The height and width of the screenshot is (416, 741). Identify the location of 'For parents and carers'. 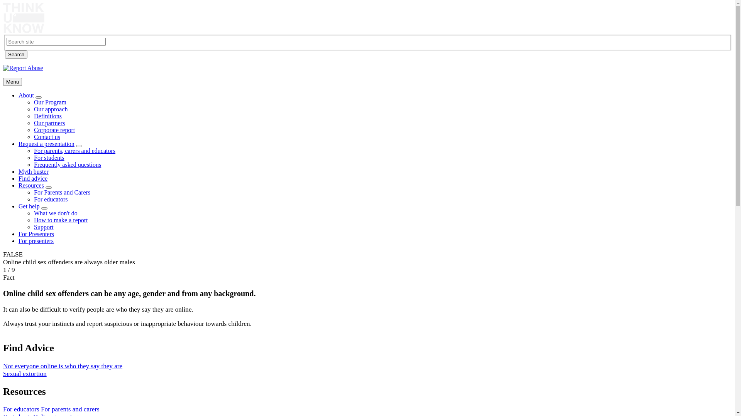
(70, 409).